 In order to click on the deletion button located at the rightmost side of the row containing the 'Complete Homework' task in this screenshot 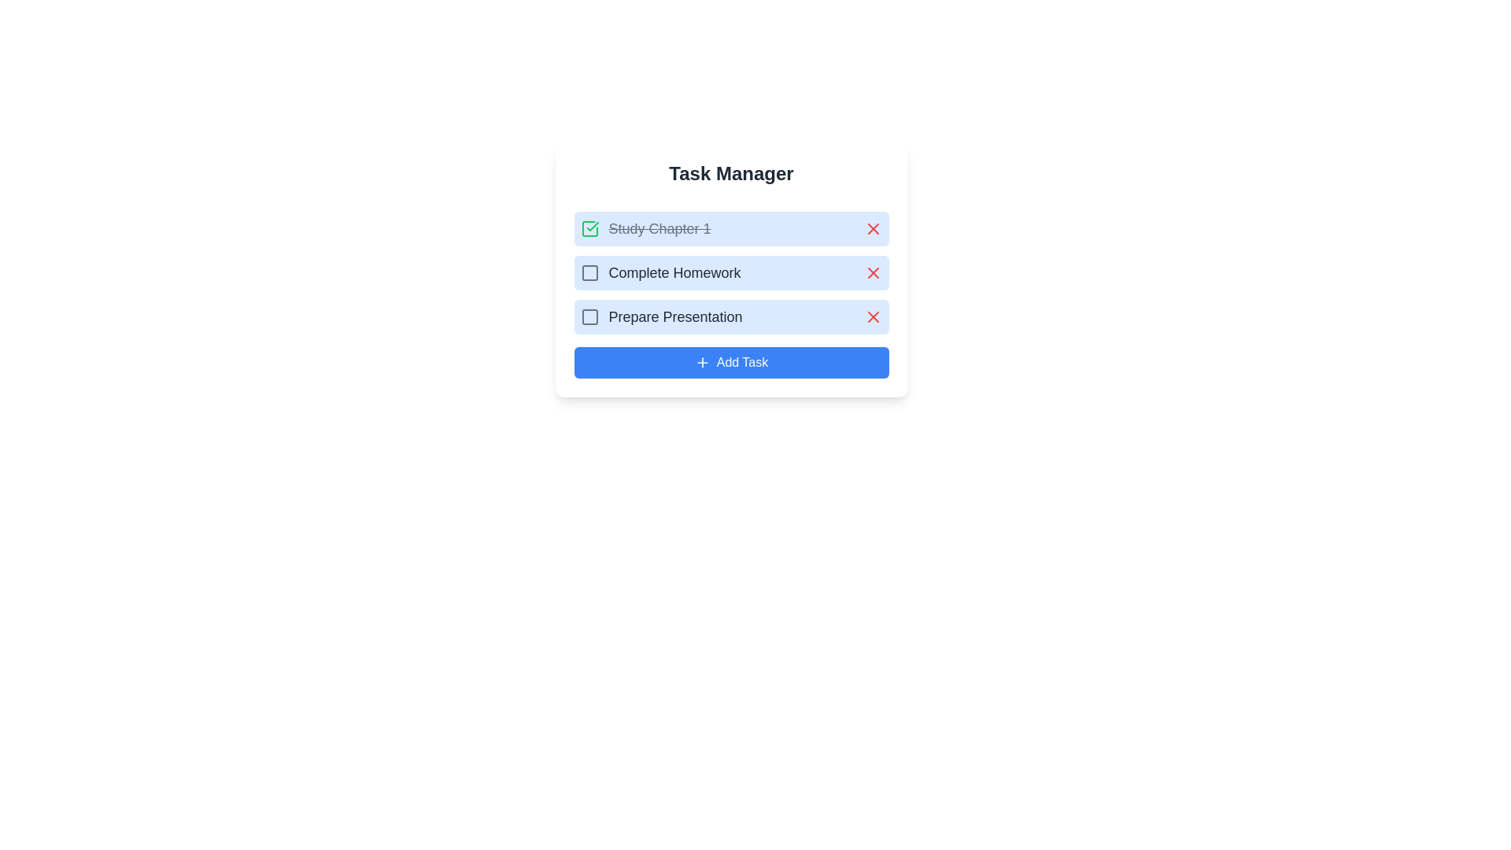, I will do `click(872, 272)`.